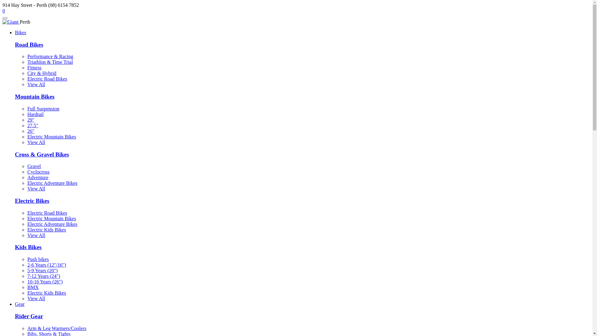  I want to click on 'Push bikes', so click(38, 259).